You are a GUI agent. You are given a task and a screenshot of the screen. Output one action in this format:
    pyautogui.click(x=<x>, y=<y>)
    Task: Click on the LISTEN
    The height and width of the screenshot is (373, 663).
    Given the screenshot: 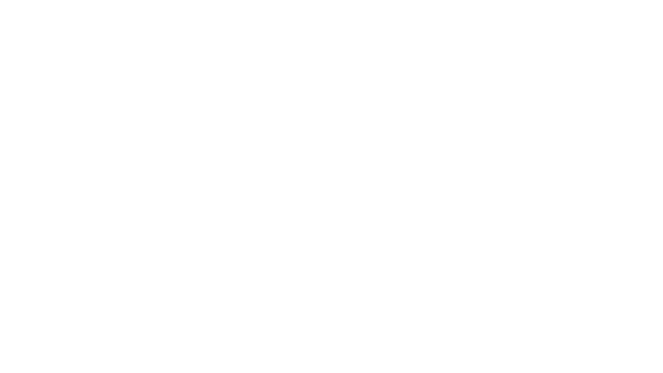 What is the action you would take?
    pyautogui.click(x=203, y=58)
    